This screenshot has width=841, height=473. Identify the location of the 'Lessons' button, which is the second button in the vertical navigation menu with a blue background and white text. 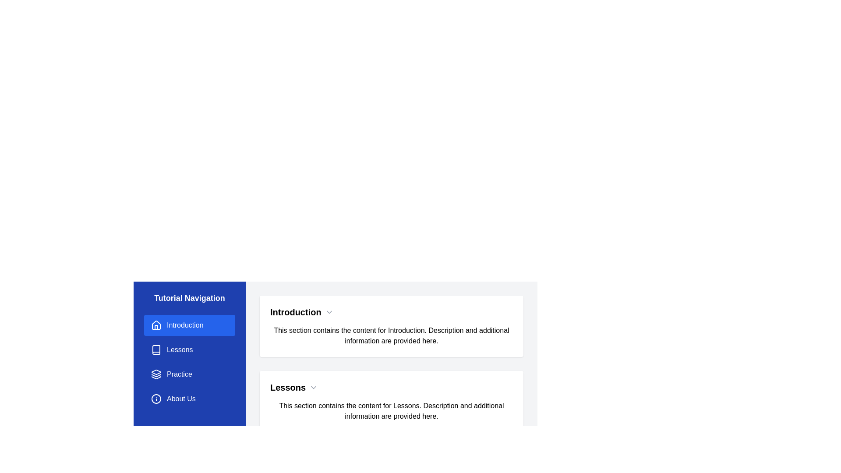
(189, 349).